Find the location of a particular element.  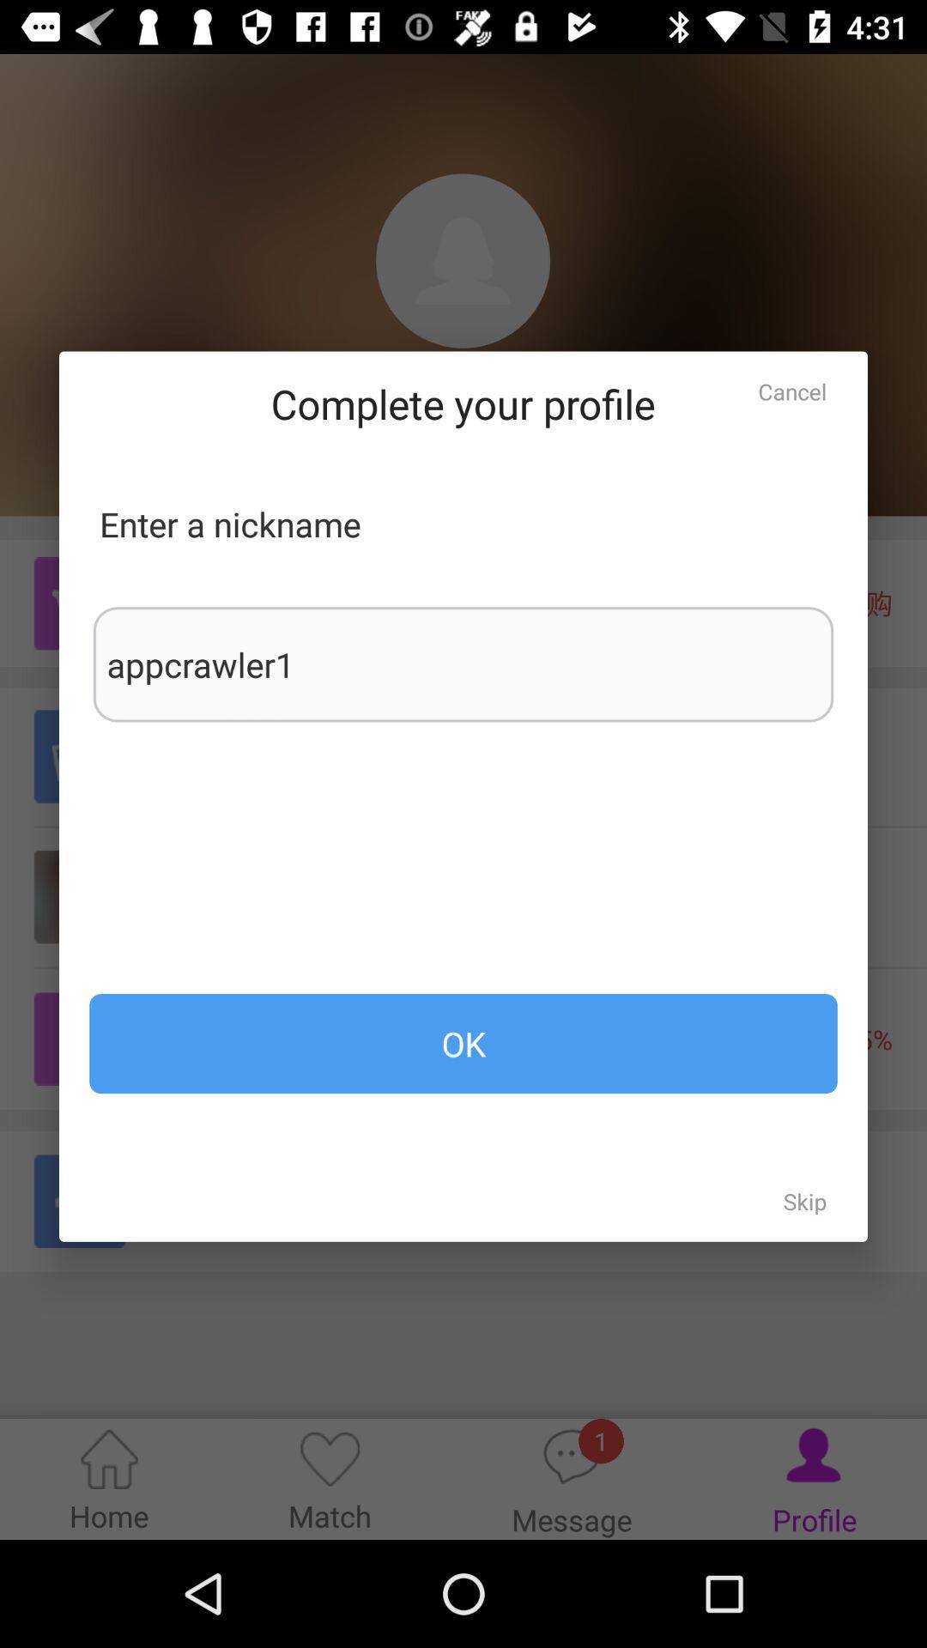

item below ok is located at coordinates (805, 1200).